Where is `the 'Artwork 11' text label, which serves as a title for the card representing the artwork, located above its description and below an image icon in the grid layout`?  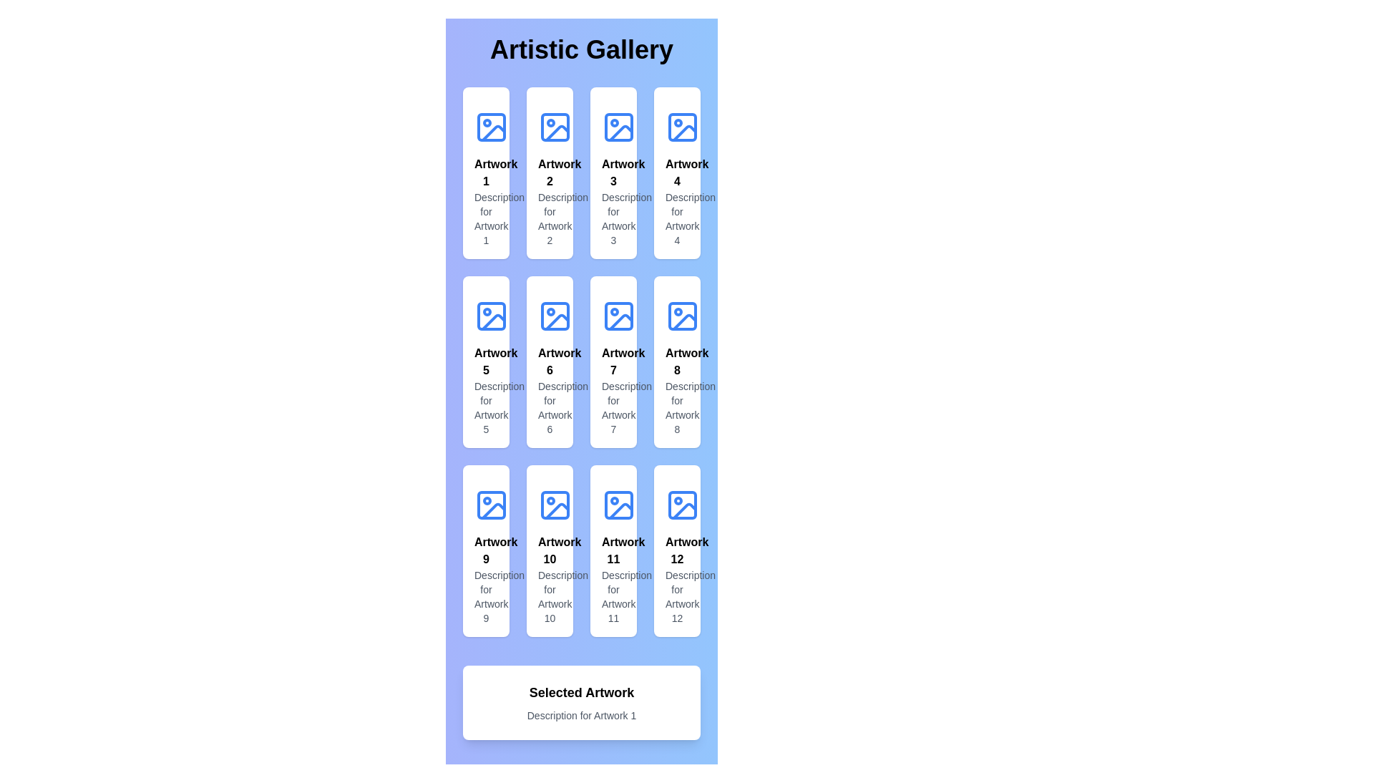
the 'Artwork 11' text label, which serves as a title for the card representing the artwork, located above its description and below an image icon in the grid layout is located at coordinates (613, 550).